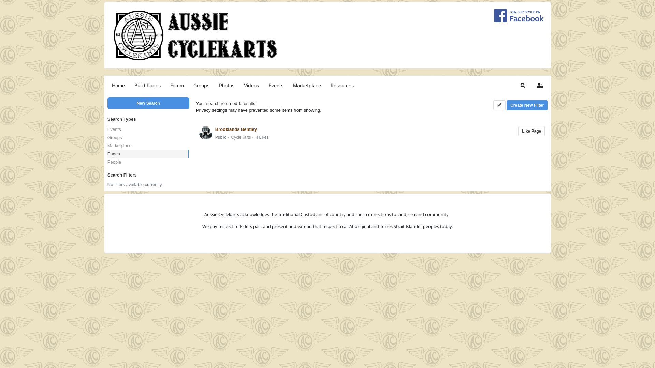  Describe the element at coordinates (518, 131) in the screenshot. I see `'Like Page'` at that location.